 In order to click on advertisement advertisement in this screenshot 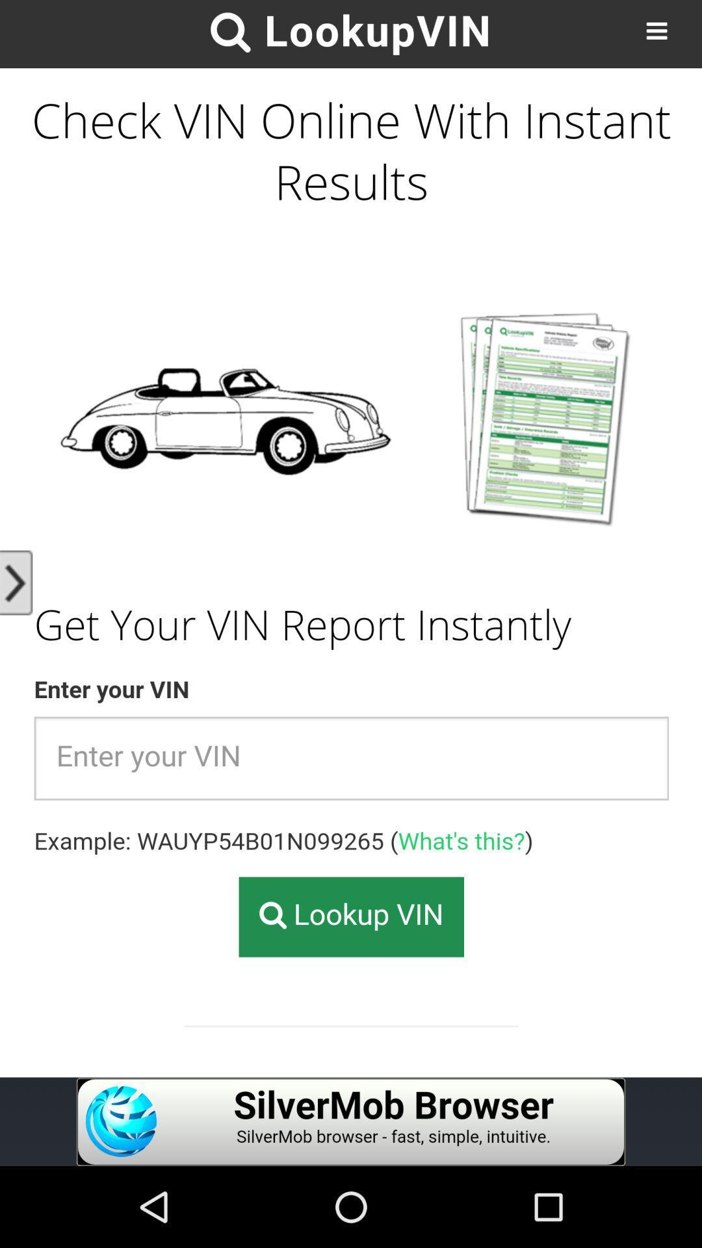, I will do `click(351, 1121)`.